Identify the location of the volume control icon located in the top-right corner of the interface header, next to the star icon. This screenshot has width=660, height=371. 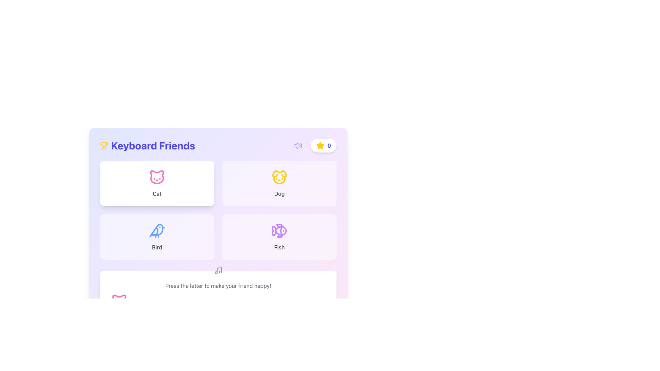
(296, 145).